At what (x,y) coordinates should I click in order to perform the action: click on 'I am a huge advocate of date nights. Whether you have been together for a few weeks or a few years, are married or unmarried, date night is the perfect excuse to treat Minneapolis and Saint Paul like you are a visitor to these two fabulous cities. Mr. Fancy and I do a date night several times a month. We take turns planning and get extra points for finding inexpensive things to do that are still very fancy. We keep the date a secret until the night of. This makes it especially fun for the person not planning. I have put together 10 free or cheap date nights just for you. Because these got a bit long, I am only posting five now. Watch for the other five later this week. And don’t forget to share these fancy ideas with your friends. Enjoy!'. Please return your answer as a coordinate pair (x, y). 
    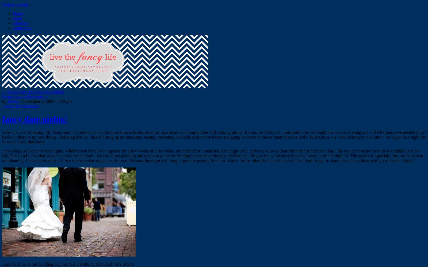
    Looking at the image, I should click on (2, 155).